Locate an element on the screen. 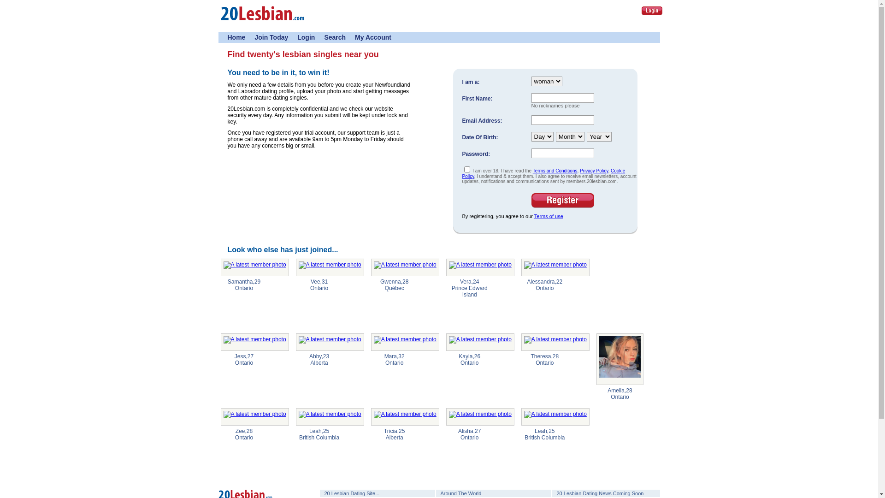 The image size is (885, 498). 'Alessandra, 22 from Toronto, Ontario' is located at coordinates (555, 267).